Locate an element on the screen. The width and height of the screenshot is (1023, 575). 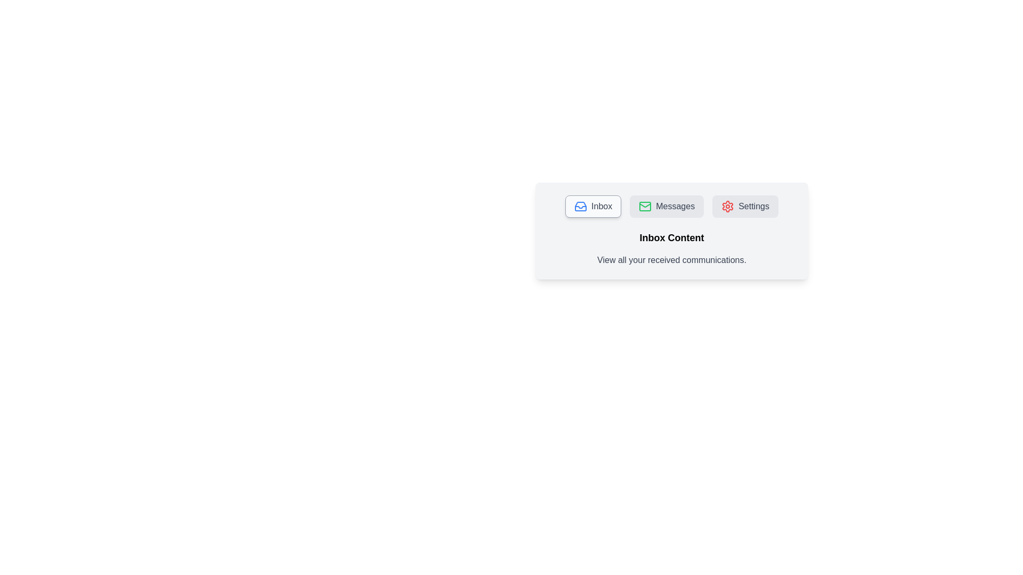
the Settings tab by clicking on its respective button is located at coordinates (745, 207).